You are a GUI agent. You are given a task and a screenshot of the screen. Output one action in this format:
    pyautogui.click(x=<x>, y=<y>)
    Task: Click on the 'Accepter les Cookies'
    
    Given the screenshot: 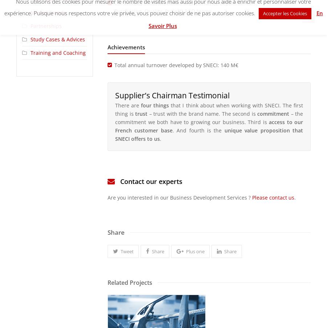 What is the action you would take?
    pyautogui.click(x=284, y=12)
    